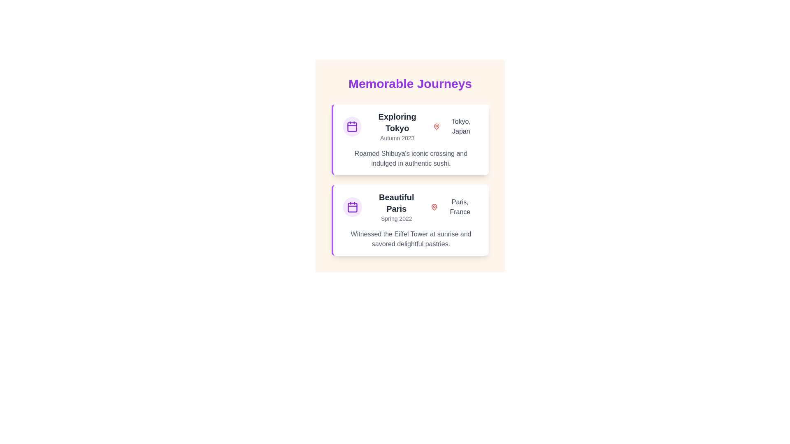 The width and height of the screenshot is (790, 444). I want to click on location information text positioned within the upper card under the 'Memorable Journeys' section, to the right of a pin icon, so click(461, 127).